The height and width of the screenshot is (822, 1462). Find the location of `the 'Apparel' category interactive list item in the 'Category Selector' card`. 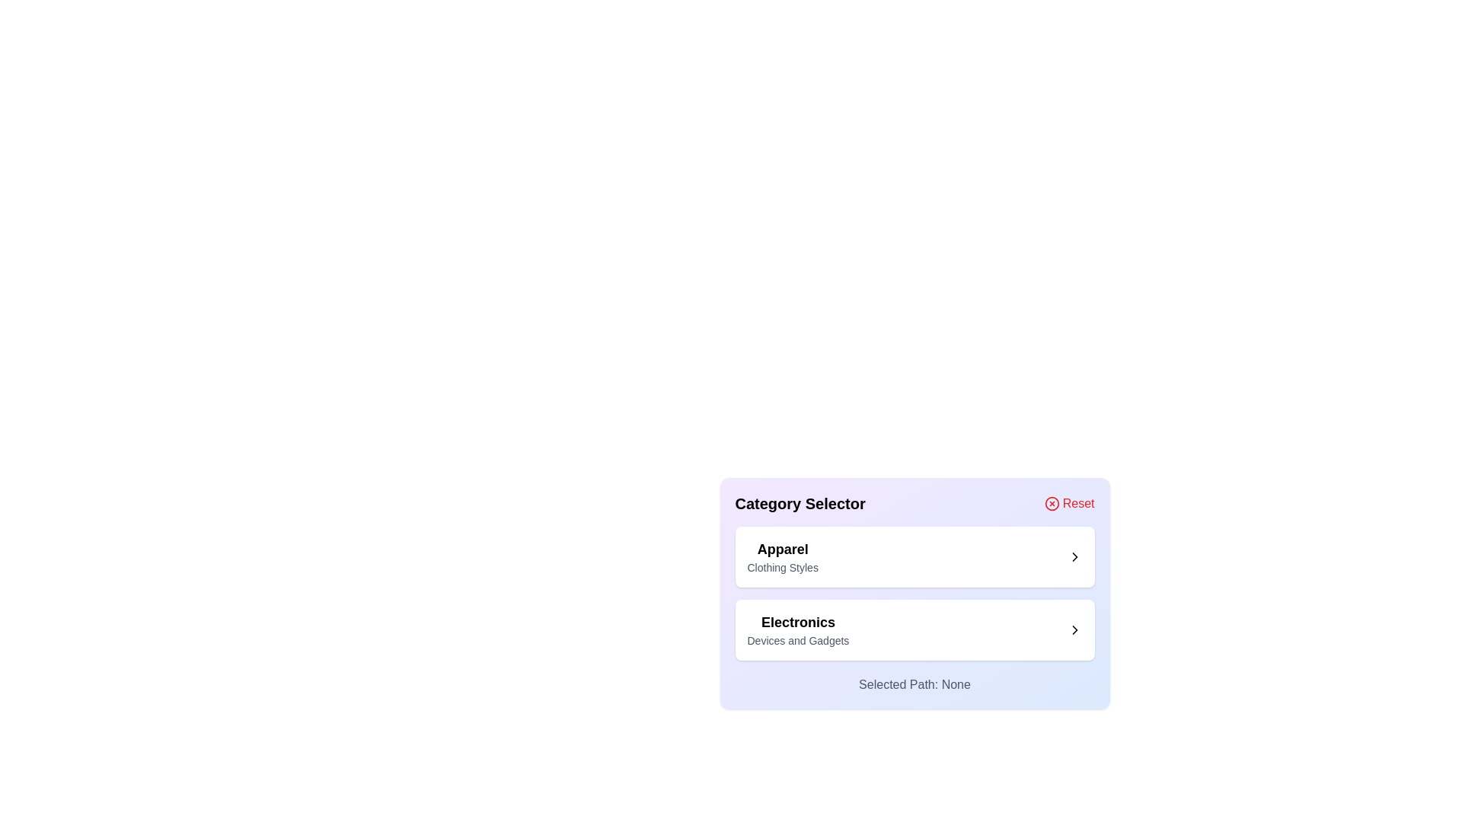

the 'Apparel' category interactive list item in the 'Category Selector' card is located at coordinates (914, 557).